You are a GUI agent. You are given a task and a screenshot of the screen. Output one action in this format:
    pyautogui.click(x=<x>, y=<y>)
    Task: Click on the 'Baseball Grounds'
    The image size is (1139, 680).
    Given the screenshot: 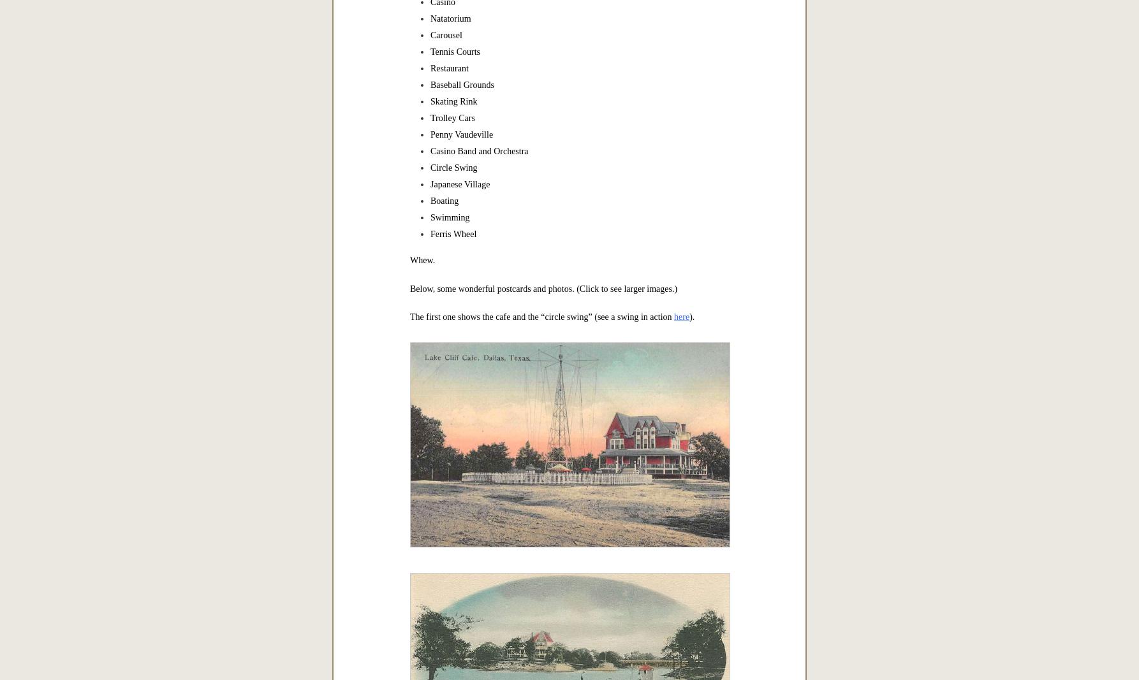 What is the action you would take?
    pyautogui.click(x=430, y=83)
    